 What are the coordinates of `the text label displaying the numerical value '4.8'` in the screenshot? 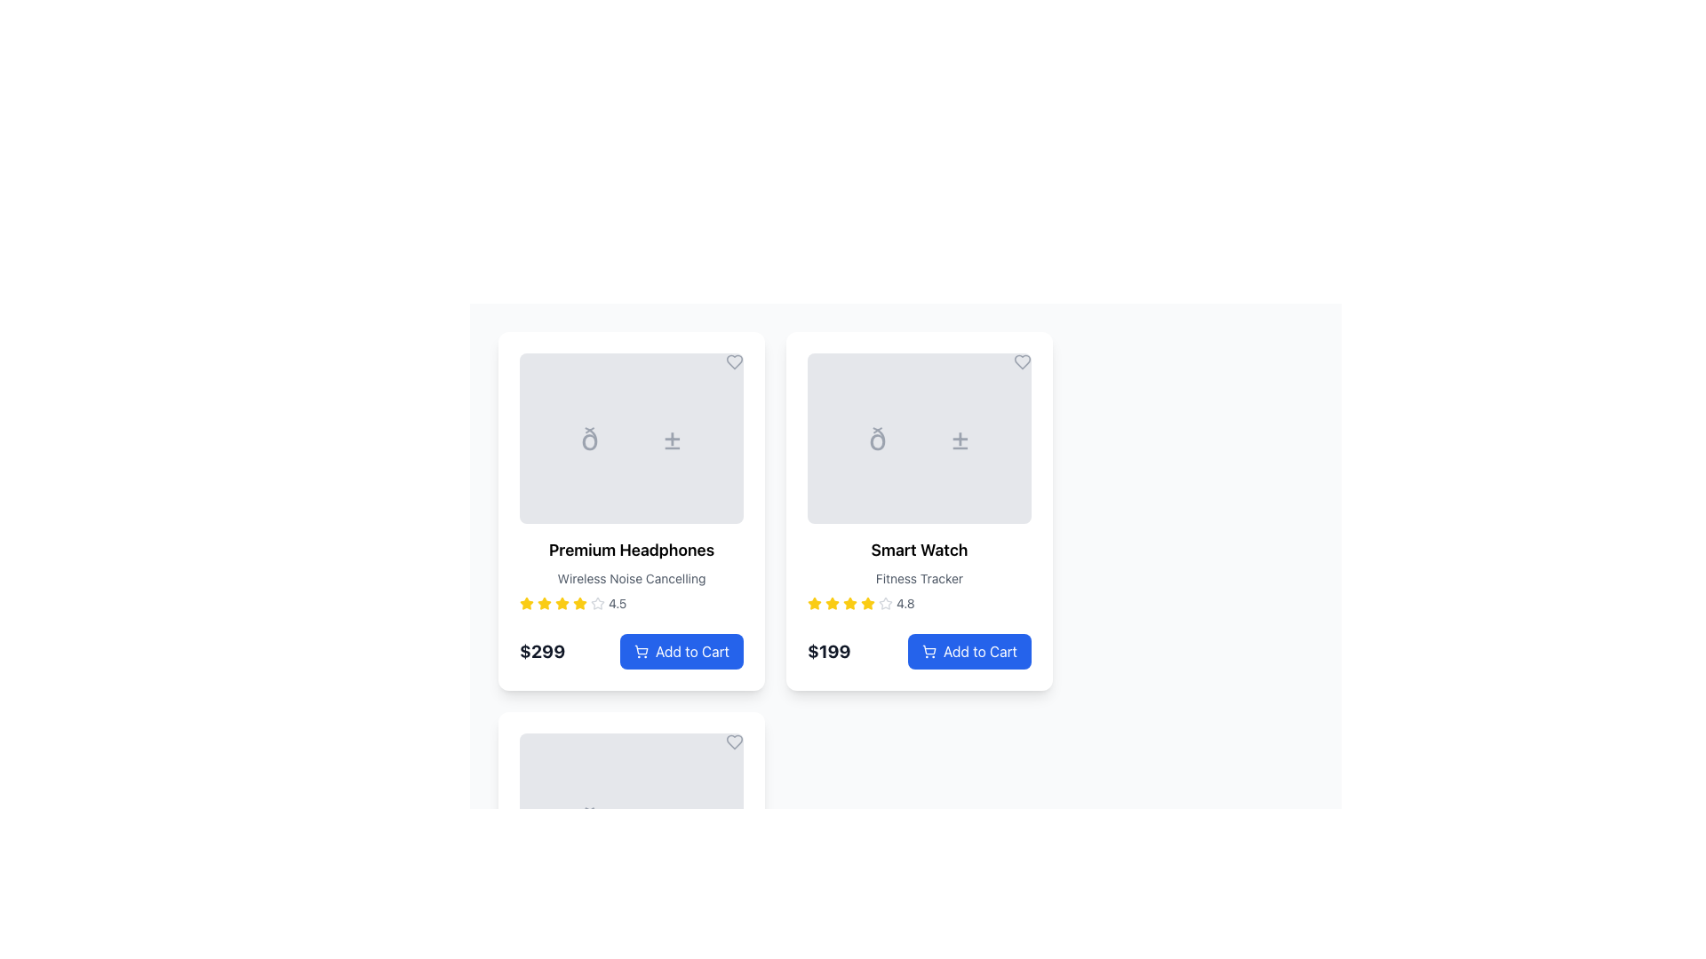 It's located at (905, 602).